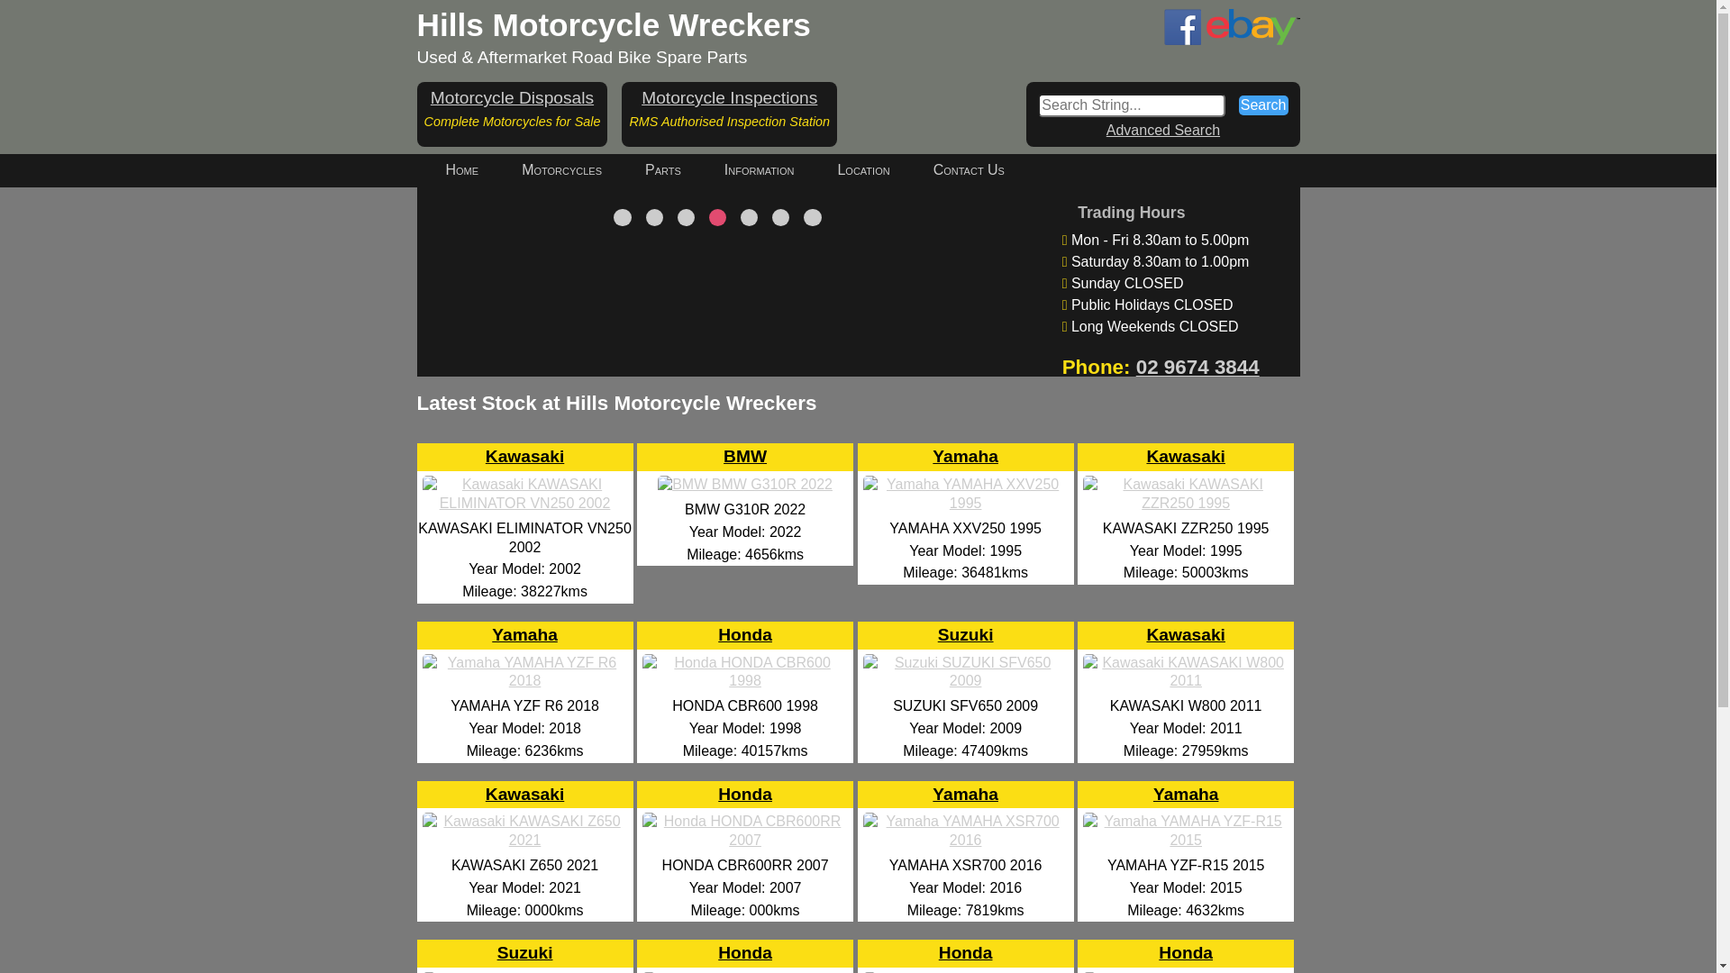 This screenshot has width=1730, height=973. What do you see at coordinates (729, 97) in the screenshot?
I see `'Motorcycle Inspections'` at bounding box center [729, 97].